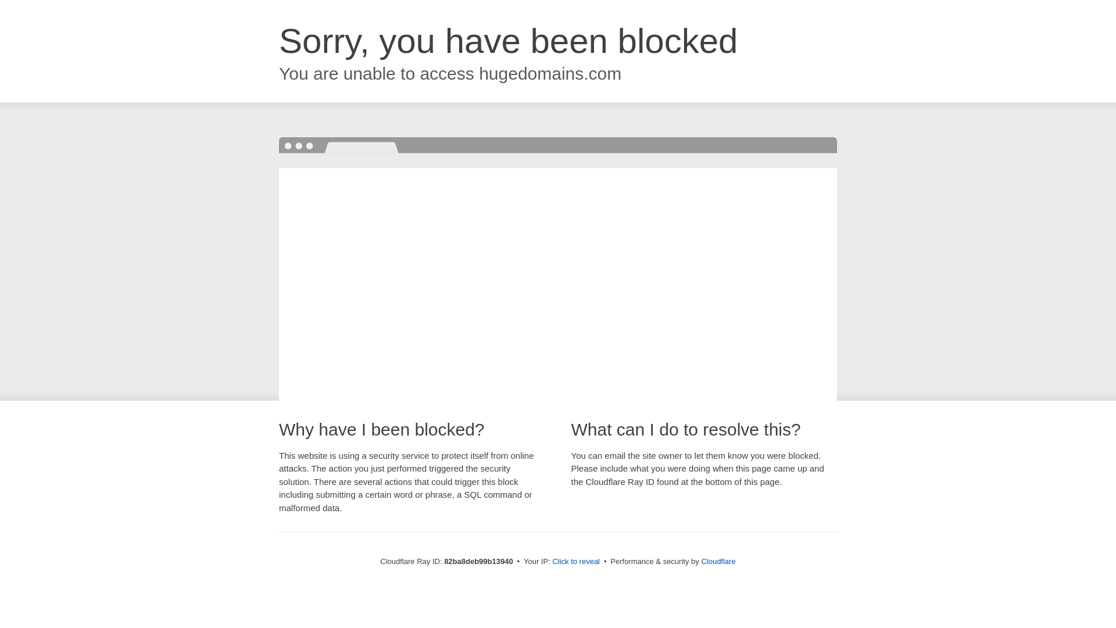 The width and height of the screenshot is (1116, 628). I want to click on 'Cloudflare', so click(700, 561).